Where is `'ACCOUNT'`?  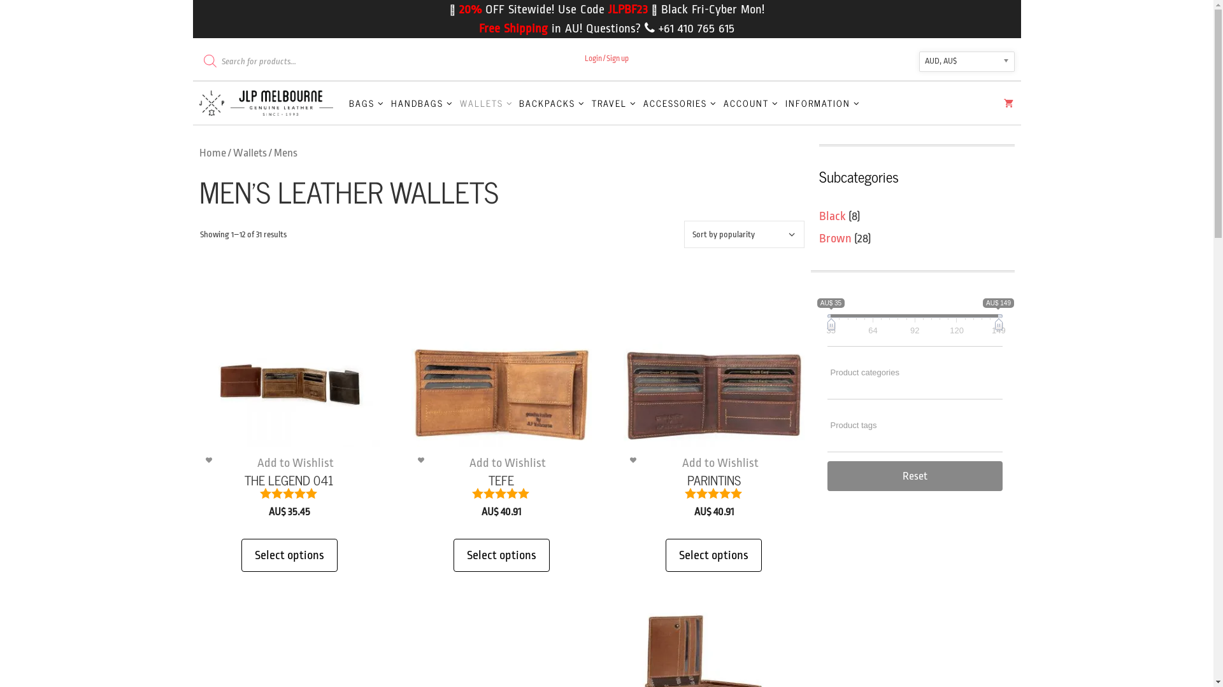
'ACCOUNT' is located at coordinates (751, 102).